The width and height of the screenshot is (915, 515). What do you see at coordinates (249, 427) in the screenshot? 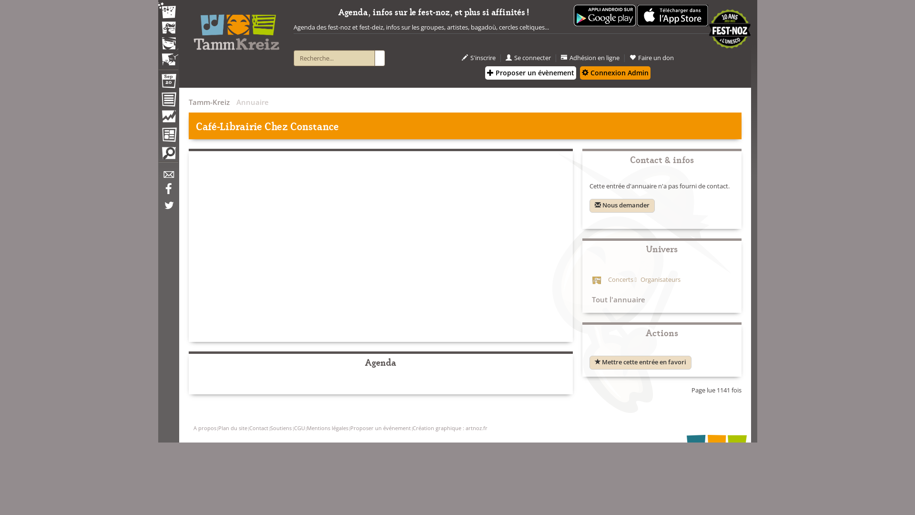
I see `'Contact'` at bounding box center [249, 427].